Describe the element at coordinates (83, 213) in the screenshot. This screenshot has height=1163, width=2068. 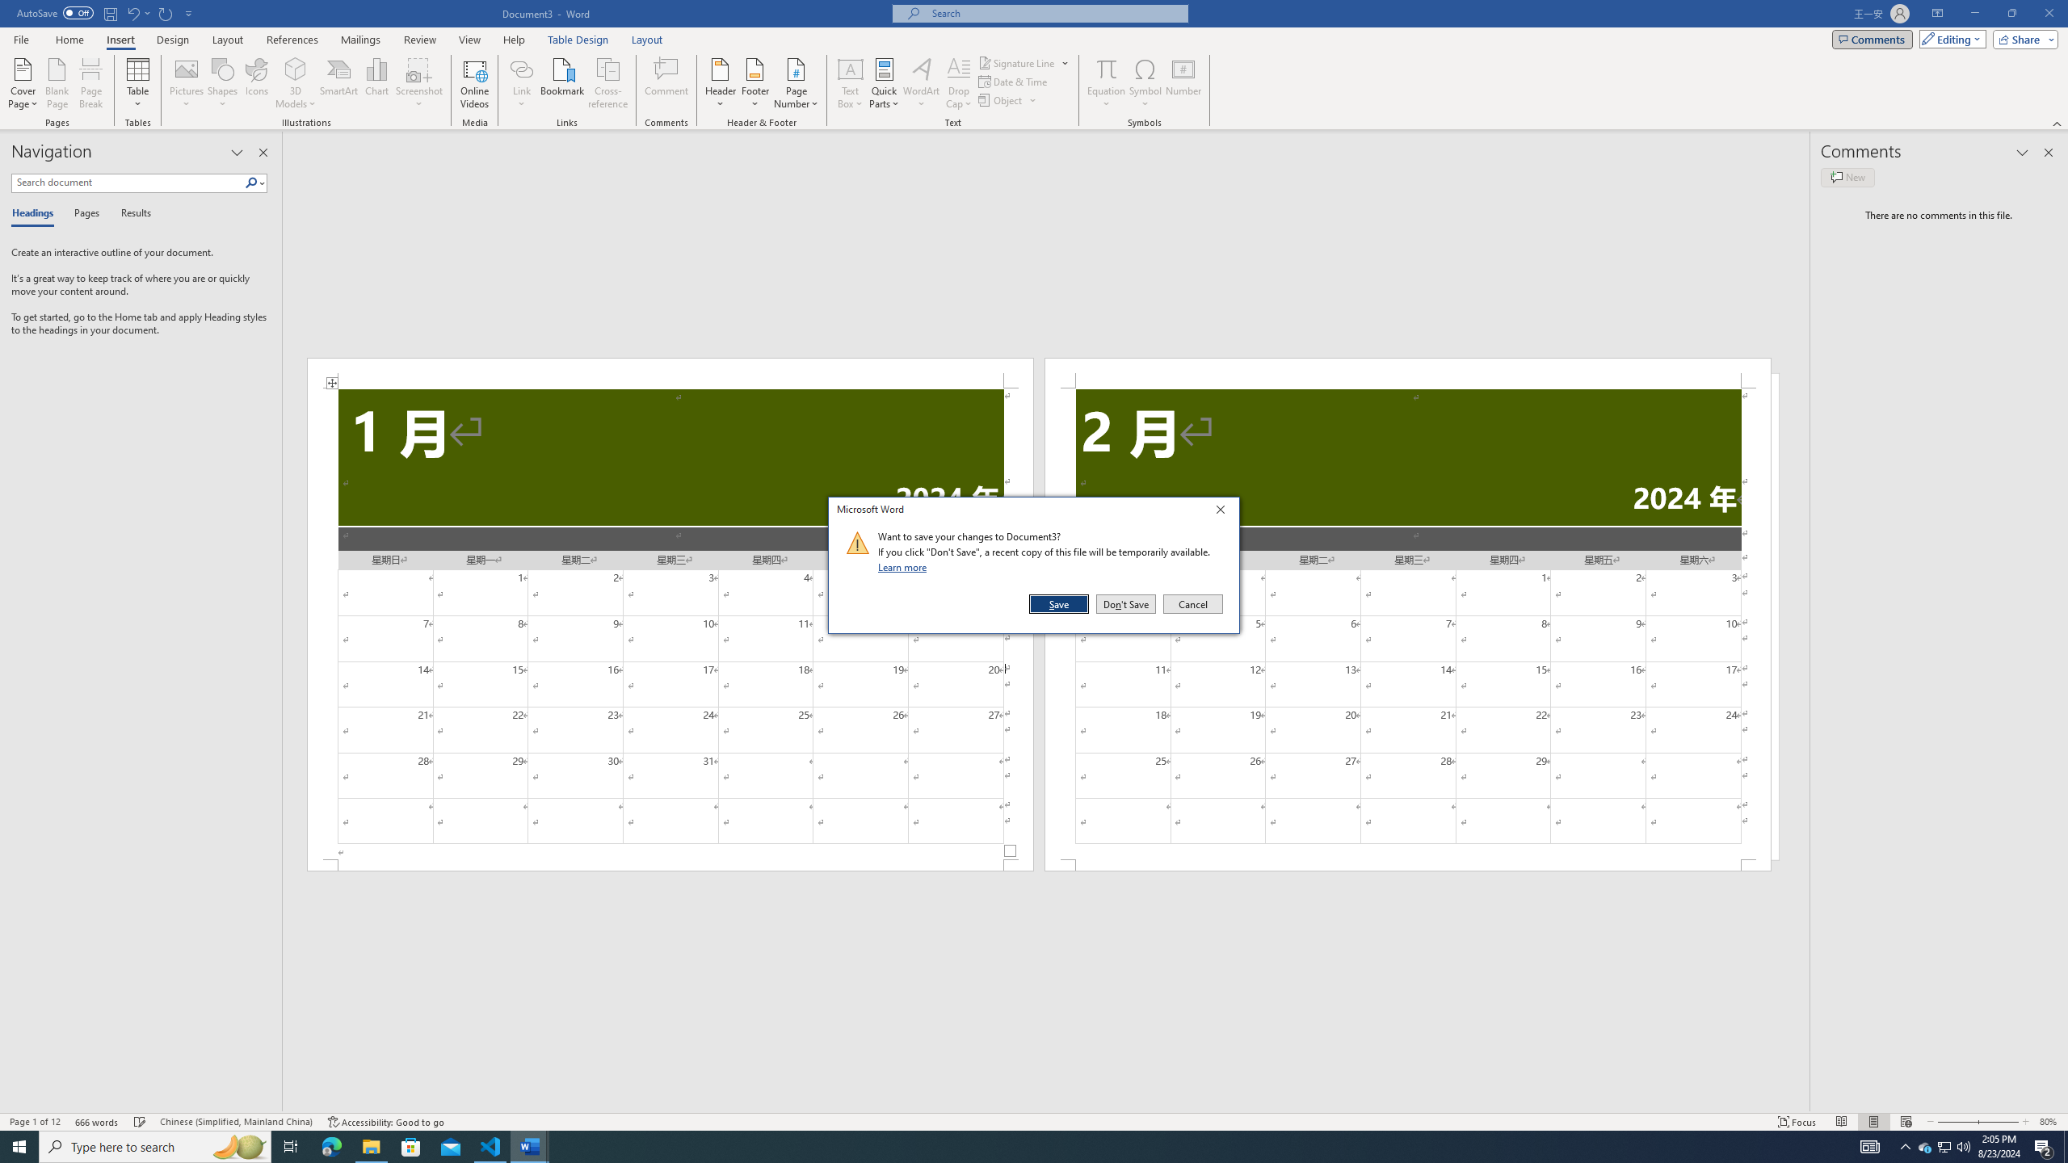
I see `'Pages'` at that location.